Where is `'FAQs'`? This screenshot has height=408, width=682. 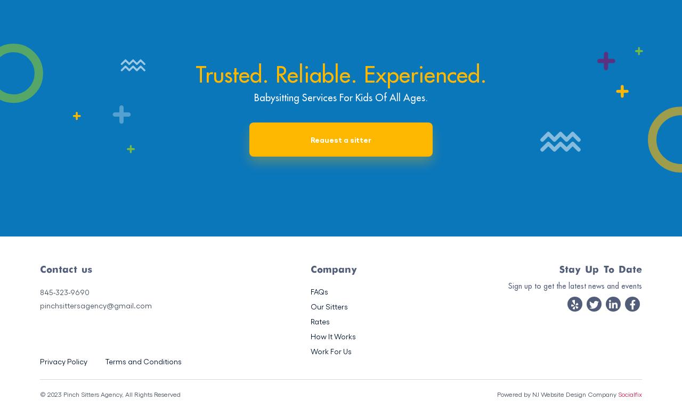 'FAQs' is located at coordinates (318, 291).